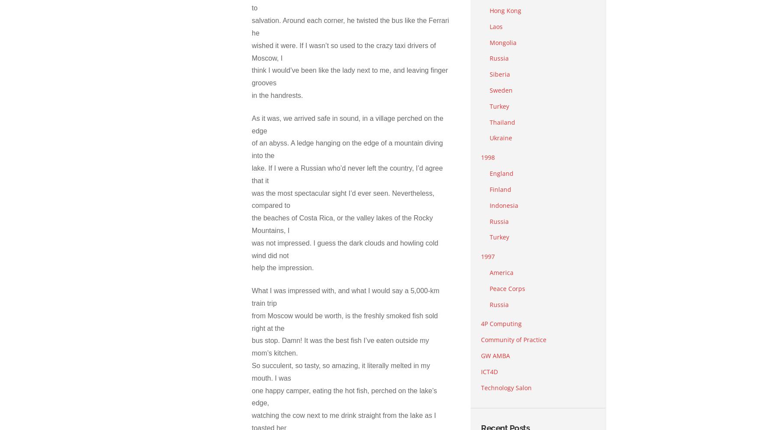  Describe the element at coordinates (347, 124) in the screenshot. I see `'As it was, we arrived safe in sound, in a village perched on the edge'` at that location.